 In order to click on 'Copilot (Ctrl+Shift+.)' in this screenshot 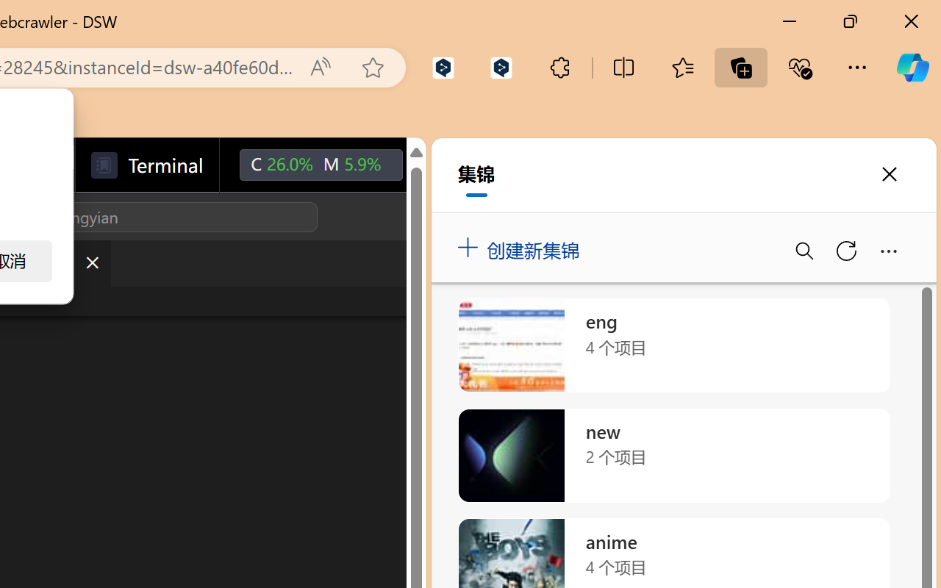, I will do `click(912, 67)`.